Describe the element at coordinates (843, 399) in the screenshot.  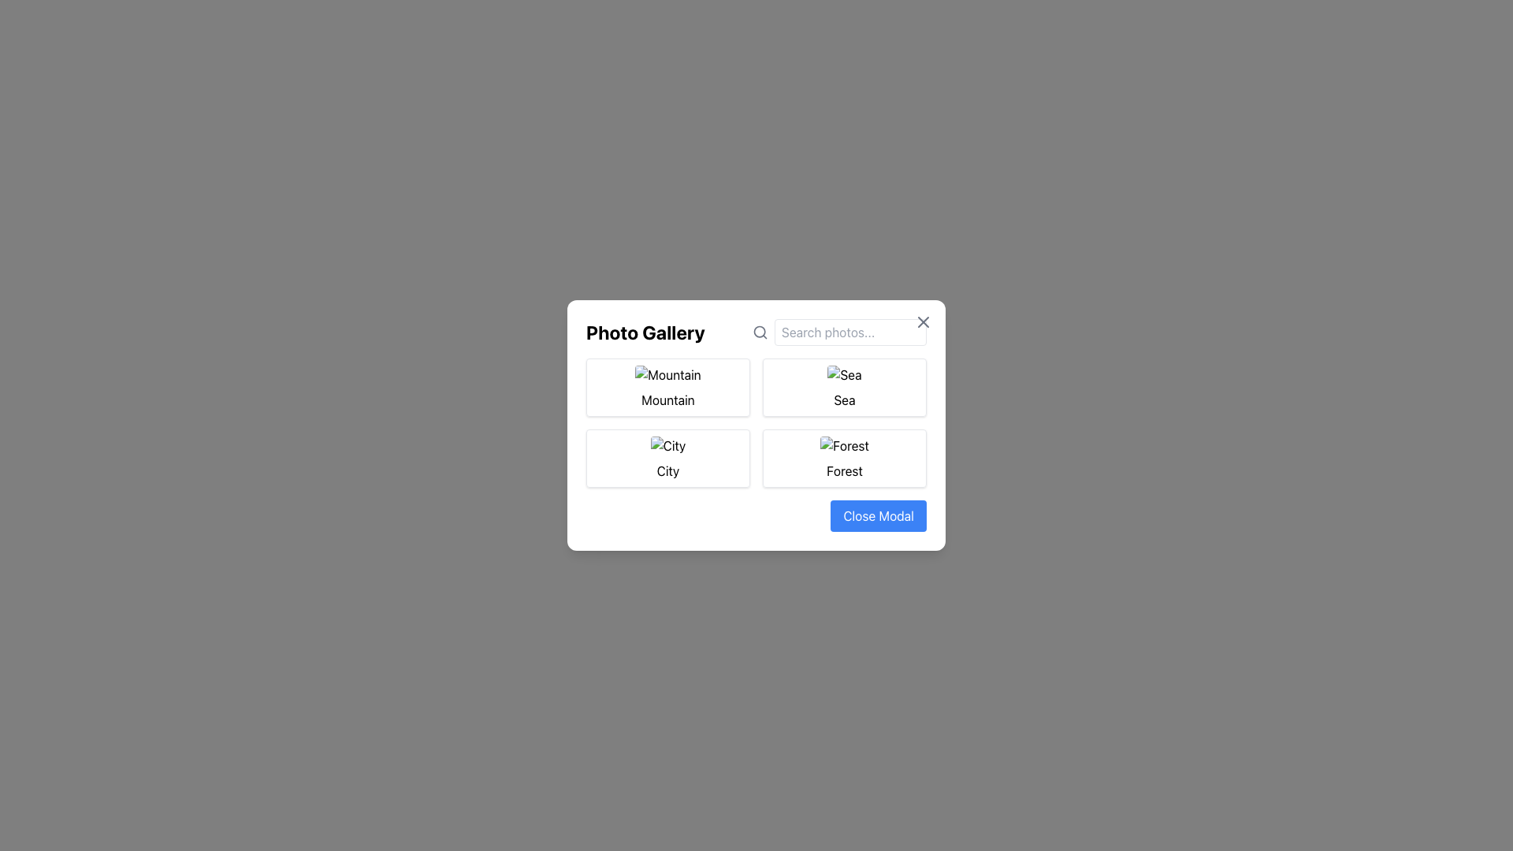
I see `the text label identifying the content as 'Sea' in the top-right section of the modal window` at that location.